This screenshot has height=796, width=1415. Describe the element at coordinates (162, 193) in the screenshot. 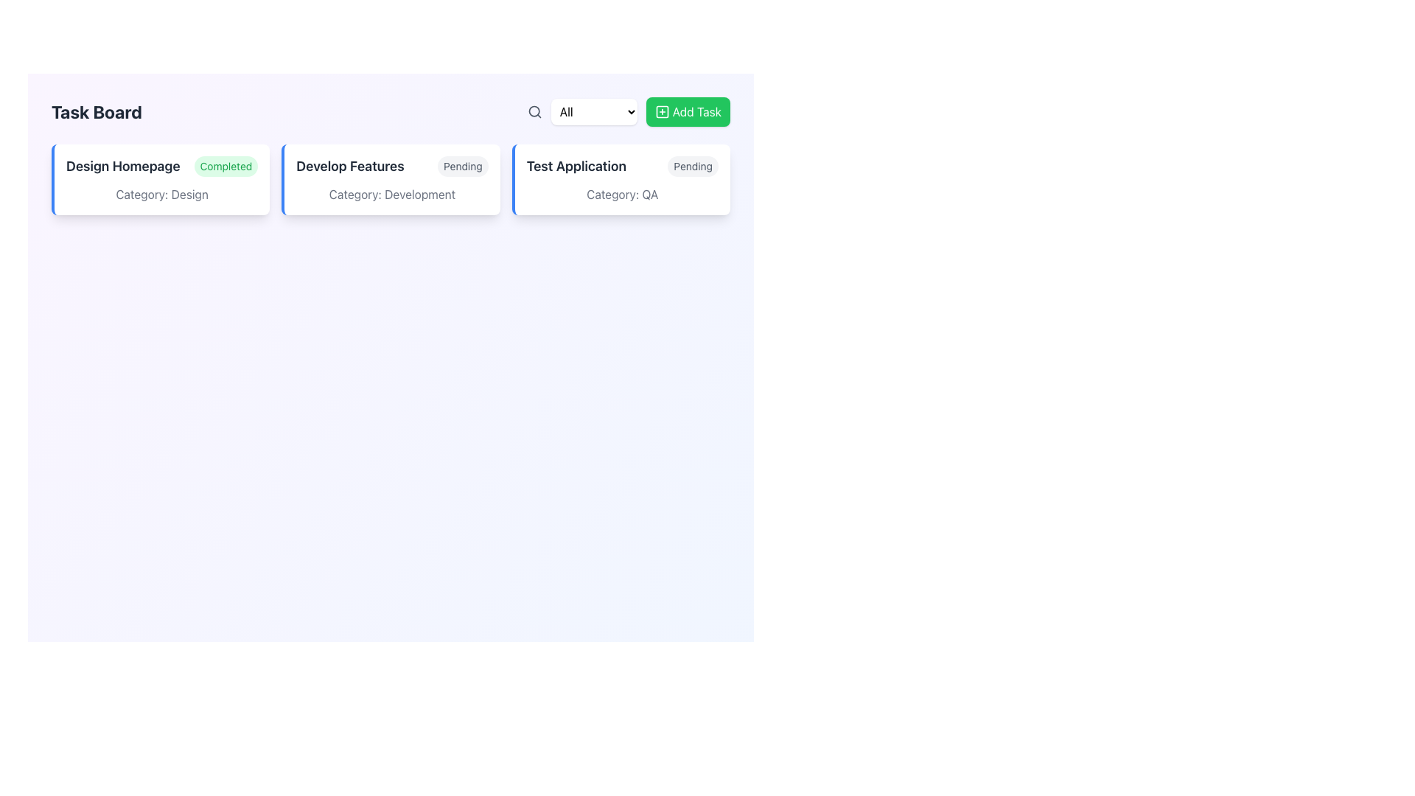

I see `the static text label providing supplementary information about the 'Design' category, located beneath the header text in the 'Design Homepage' card` at that location.